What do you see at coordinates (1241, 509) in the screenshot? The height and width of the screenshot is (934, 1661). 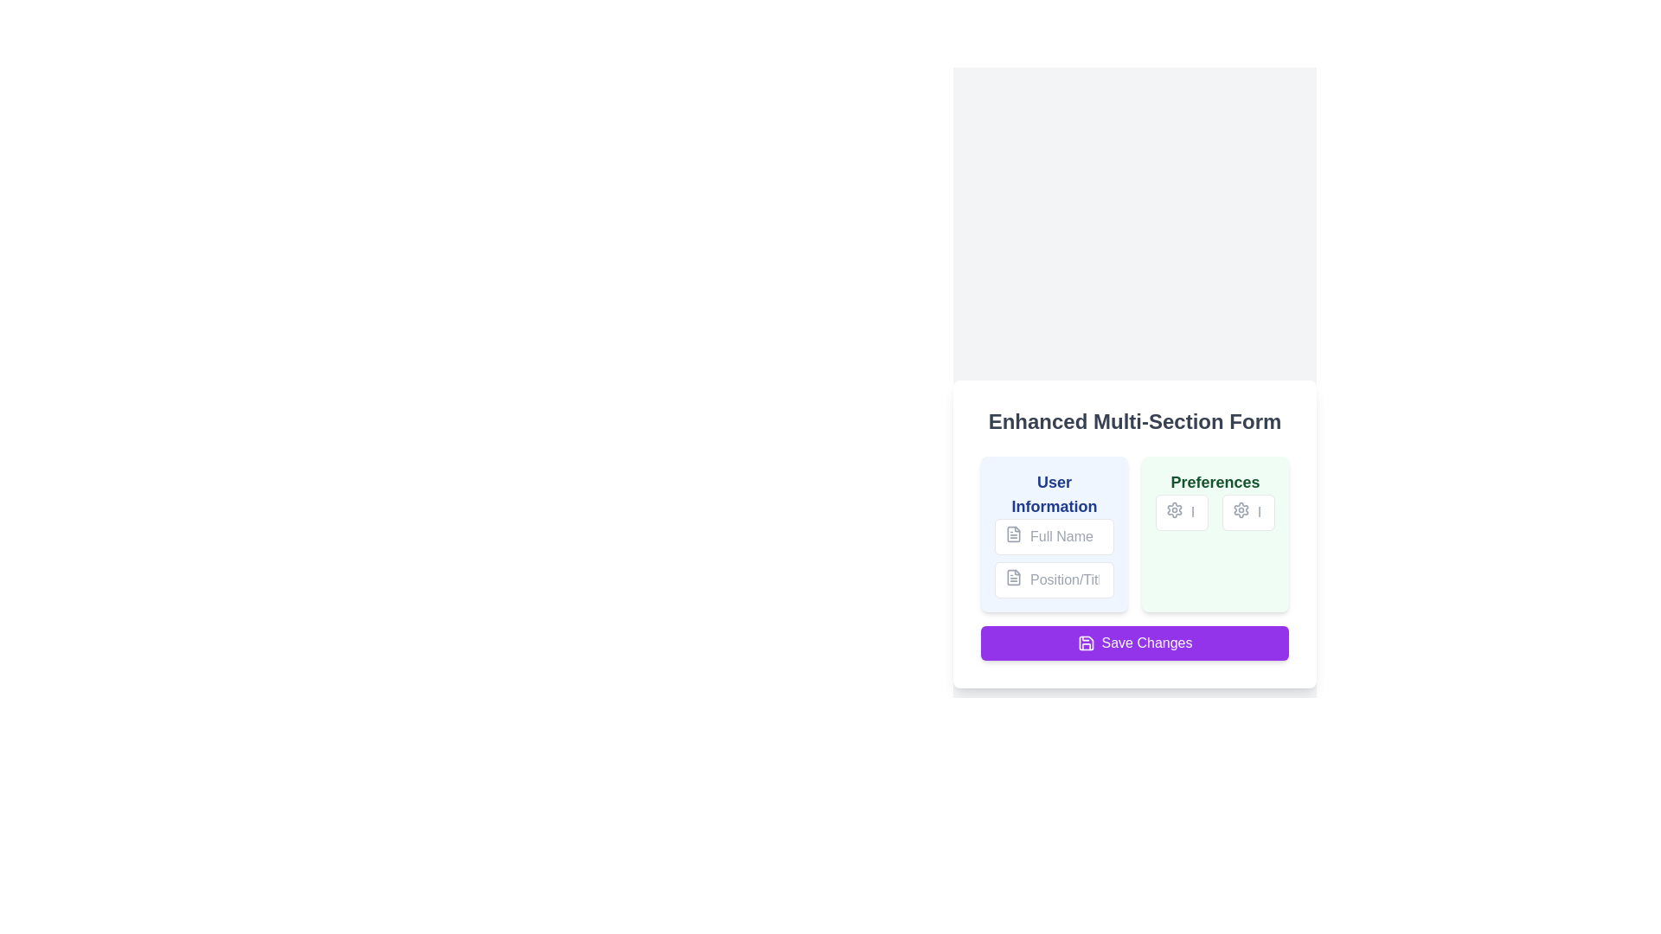 I see `the Settings icon, which is a gray gear-like shape located in the Preferences section beneath the Enhanced Multi-Section Form header` at bounding box center [1241, 509].